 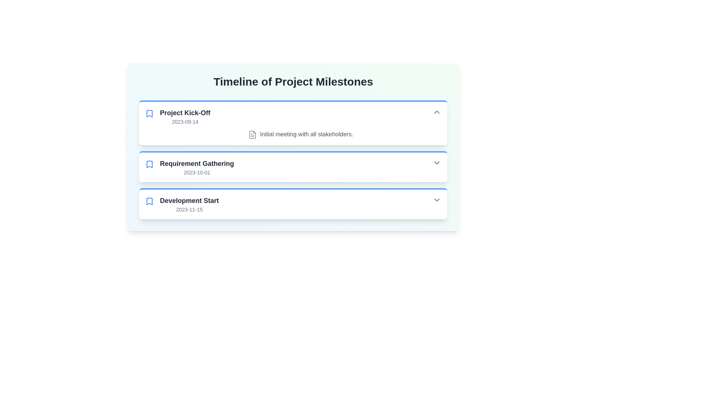 What do you see at coordinates (185, 121) in the screenshot?
I see `the informational text label displaying the date for the 'Project Kick-Off' milestone, located below the 'Project Kick-Off' text in the milestone list` at bounding box center [185, 121].